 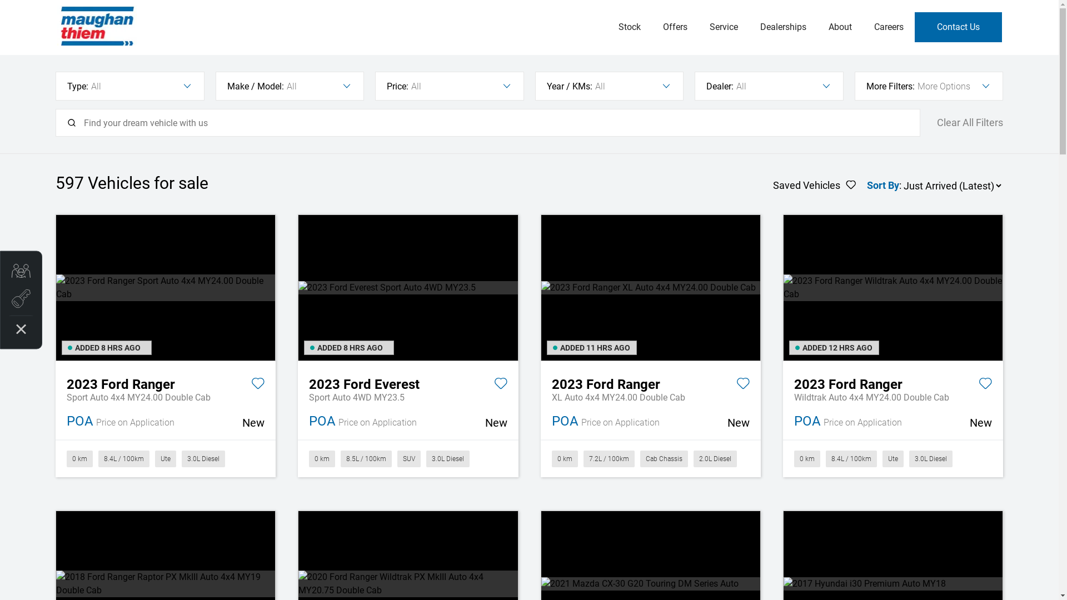 I want to click on '2023 Ford Everest Sport Auto 4WD MY23.5', so click(x=407, y=287).